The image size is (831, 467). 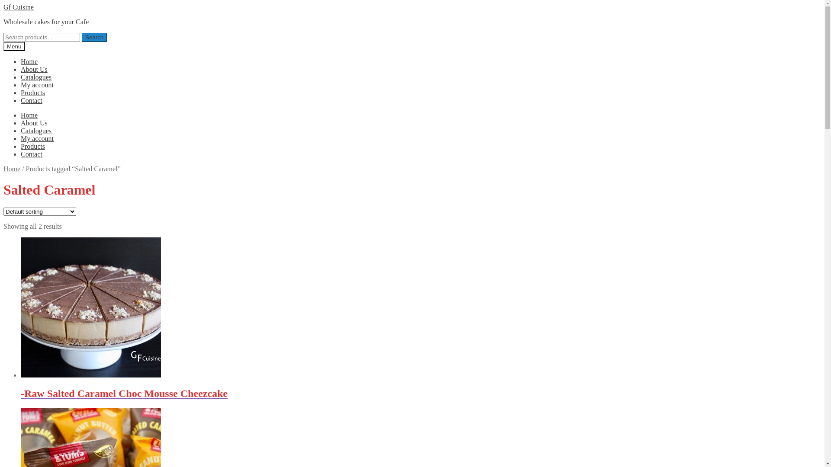 I want to click on 'Home', so click(x=21, y=61).